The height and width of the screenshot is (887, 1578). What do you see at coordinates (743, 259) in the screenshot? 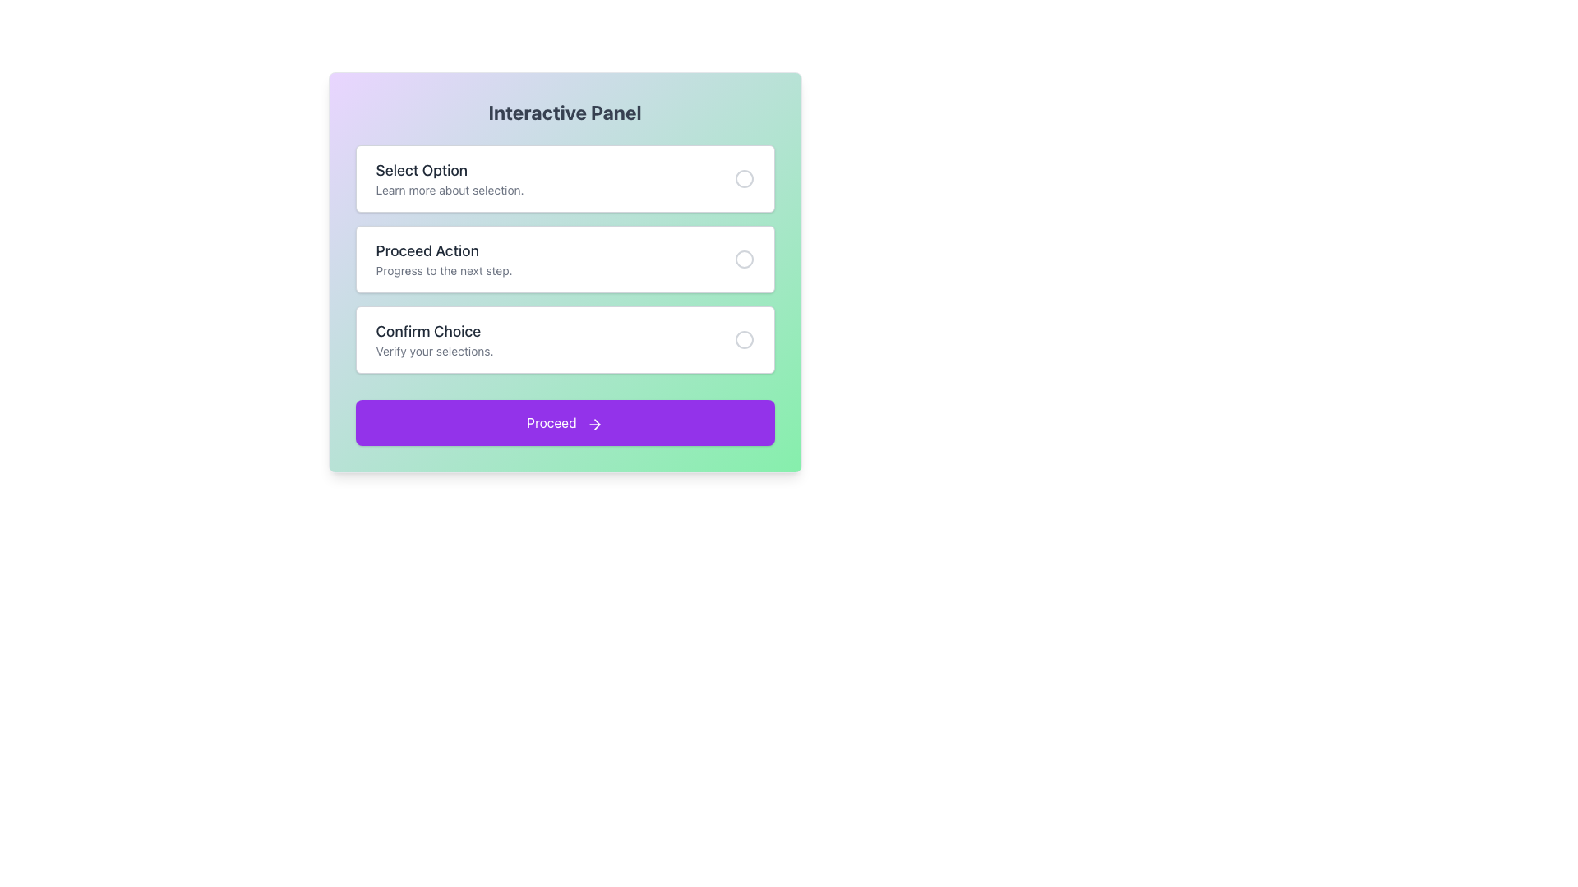
I see `the light gray circular icon located inside the 'Proceed Action' card, which is the second card in a vertical stack` at bounding box center [743, 259].